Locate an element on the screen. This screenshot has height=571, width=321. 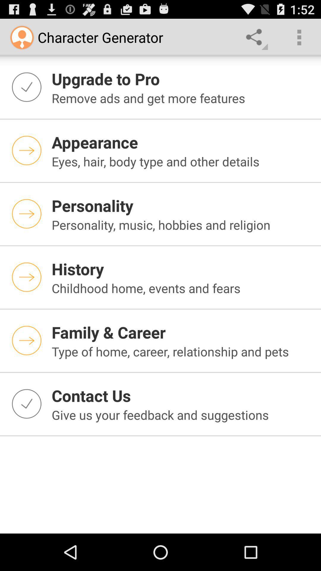
app above the childhood home events icon is located at coordinates (182, 269).